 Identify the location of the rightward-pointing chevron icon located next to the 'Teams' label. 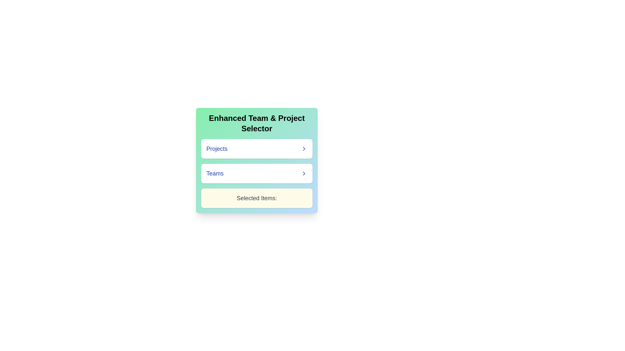
(304, 173).